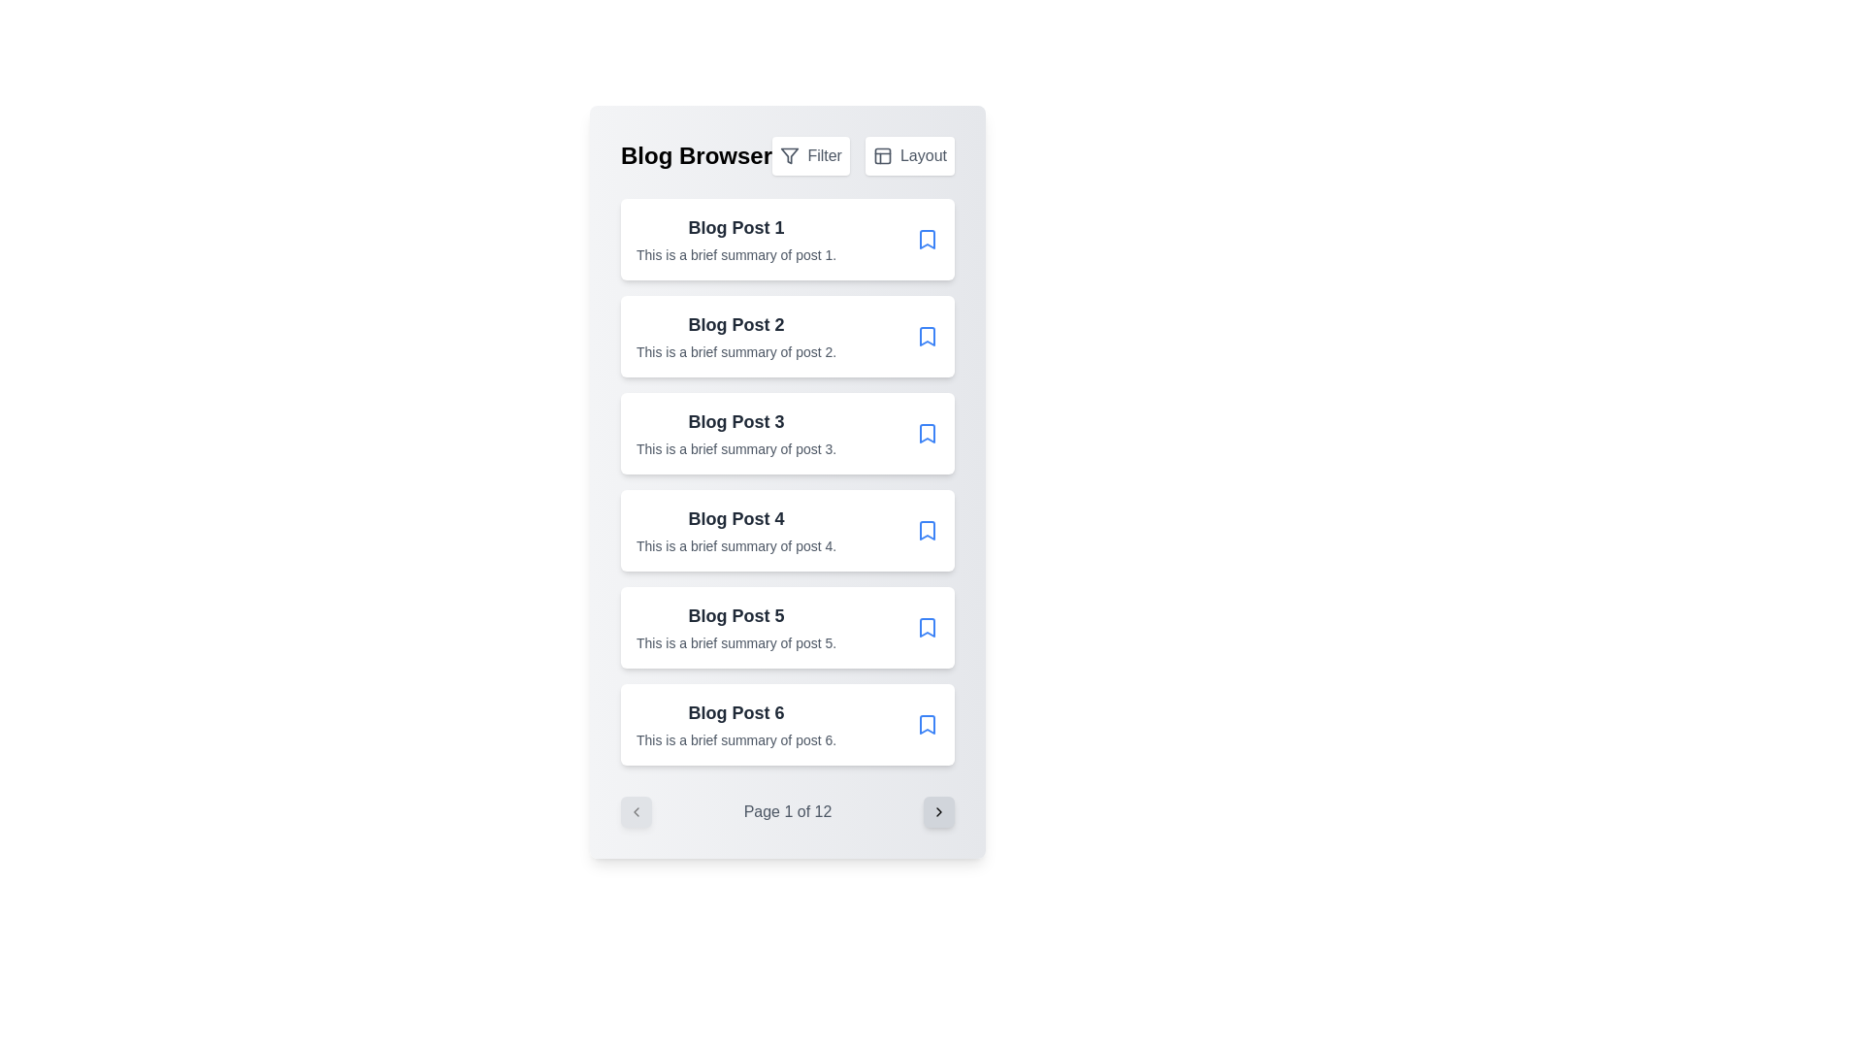 The height and width of the screenshot is (1048, 1863). I want to click on the light blue bookmark icon located at the top-right corner of the 'Blog Post 3' card, so click(926, 433).